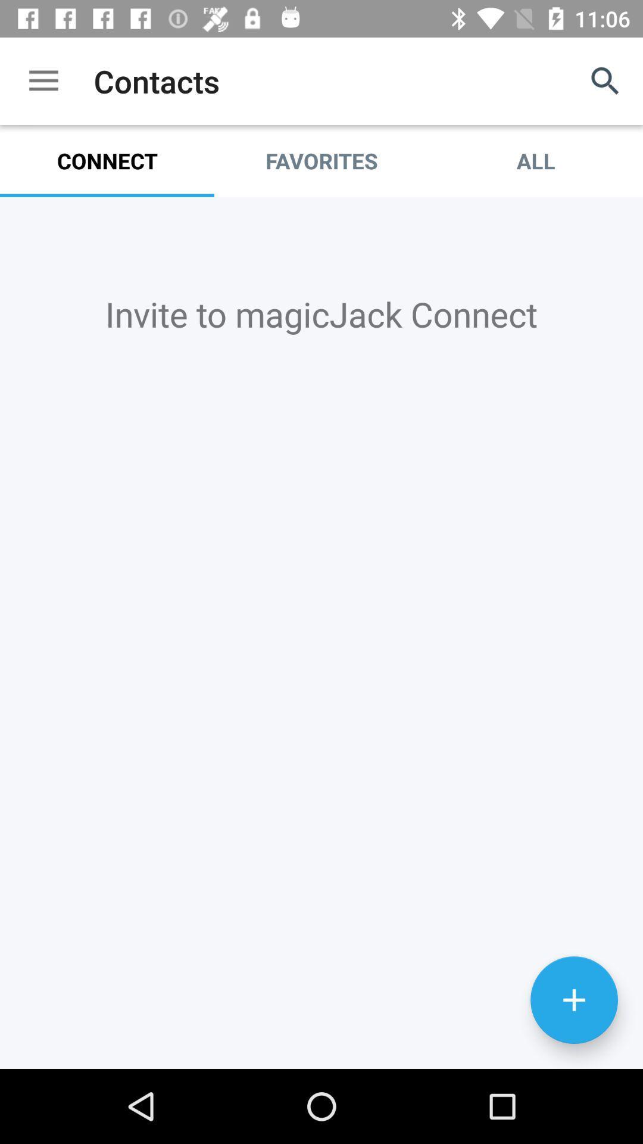  What do you see at coordinates (321, 160) in the screenshot?
I see `item to the right of connect` at bounding box center [321, 160].